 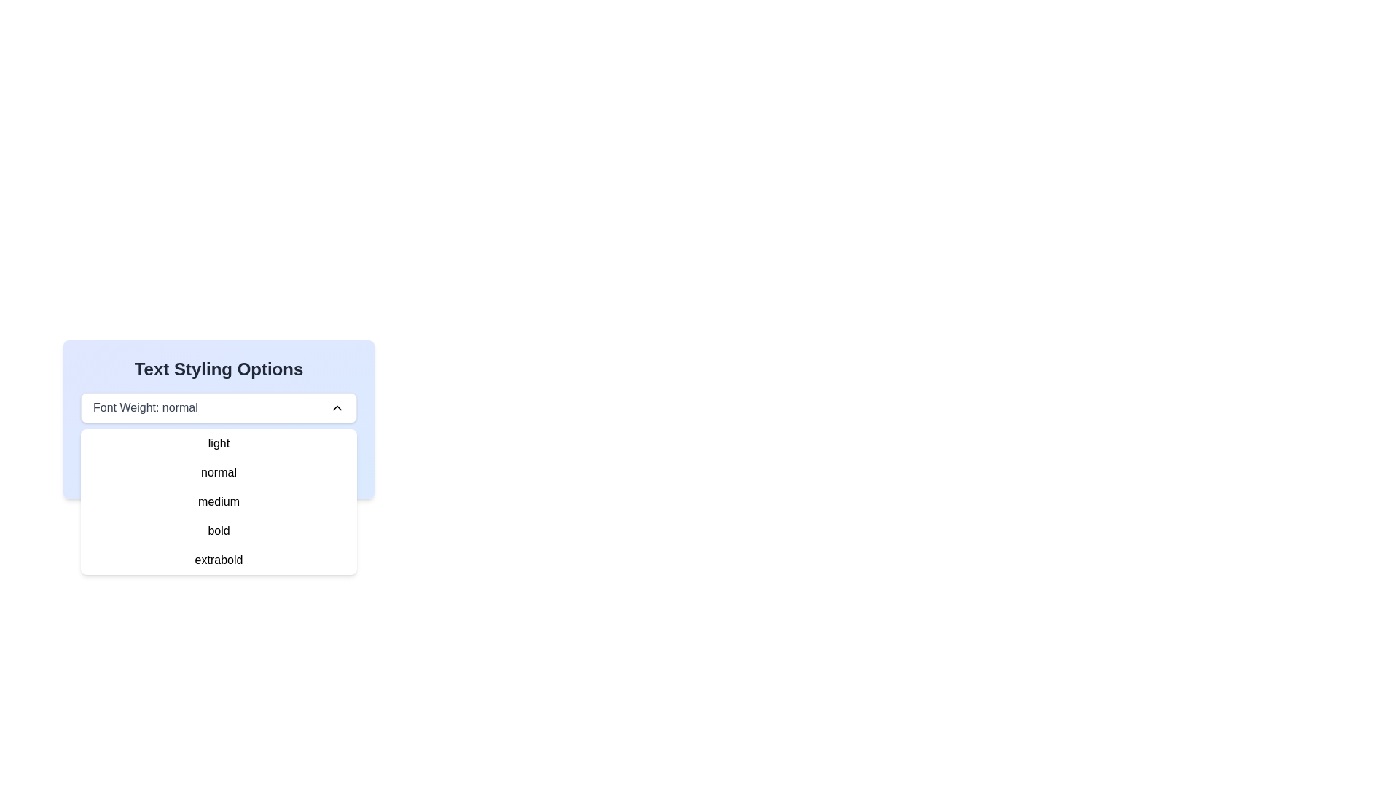 What do you see at coordinates (218, 531) in the screenshot?
I see `the text label displaying 'bold' in black font within the dropdown menu` at bounding box center [218, 531].